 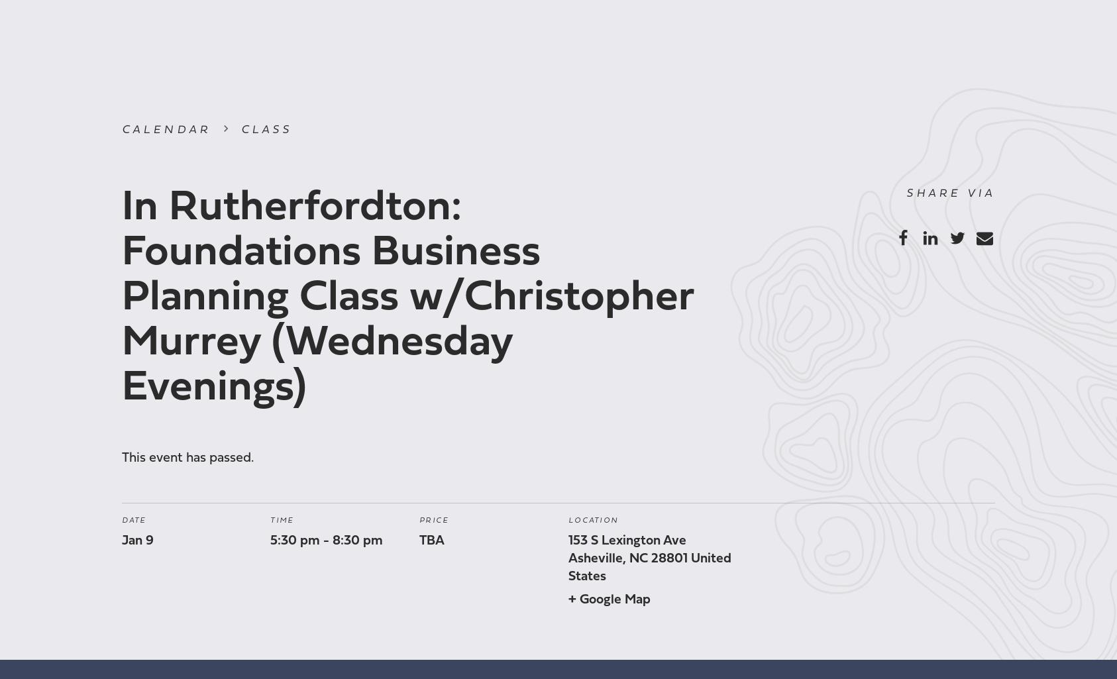 I want to click on '5:30 pm - 8:30 pm', so click(x=326, y=541).